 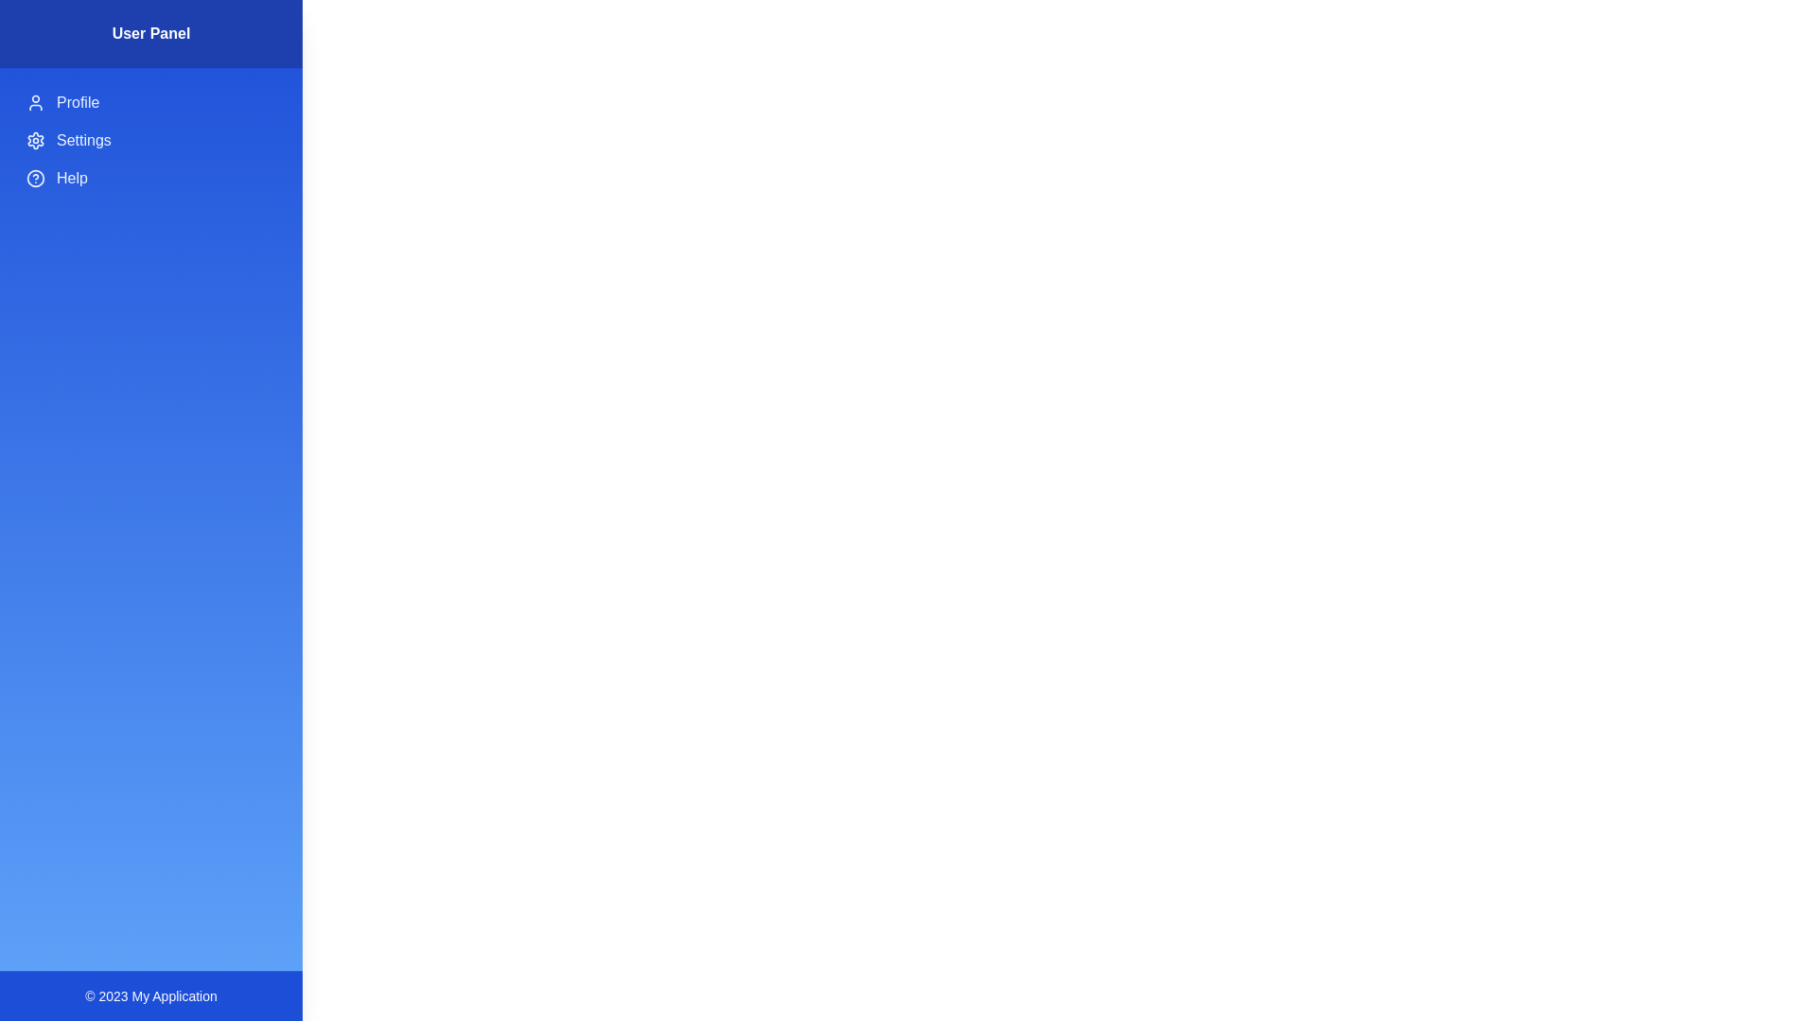 What do you see at coordinates (149, 102) in the screenshot?
I see `the 'Profile' menu item in the drawer` at bounding box center [149, 102].